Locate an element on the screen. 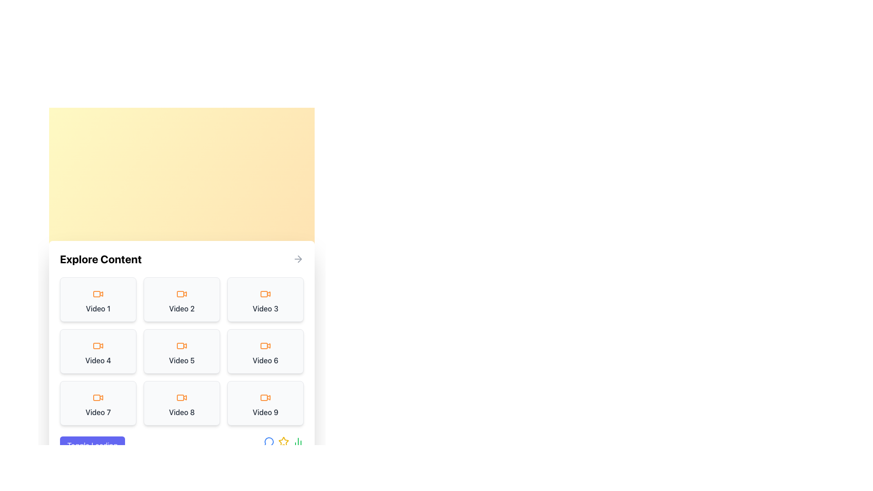 The image size is (873, 491). the Decorative SVG element located within the video icon of the first item in a grid of content blocks, positioned towards the top-left corner of the icon is located at coordinates (96, 294).